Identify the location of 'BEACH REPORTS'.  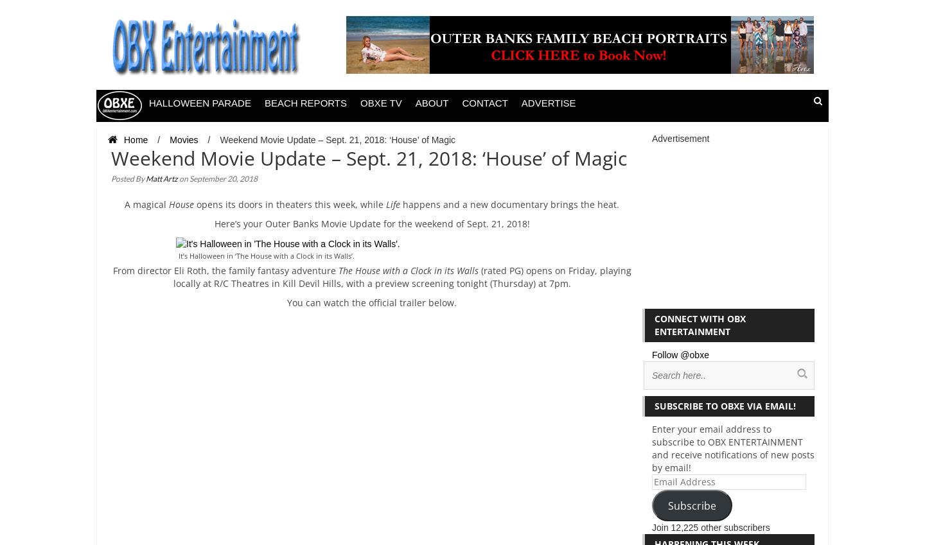
(305, 103).